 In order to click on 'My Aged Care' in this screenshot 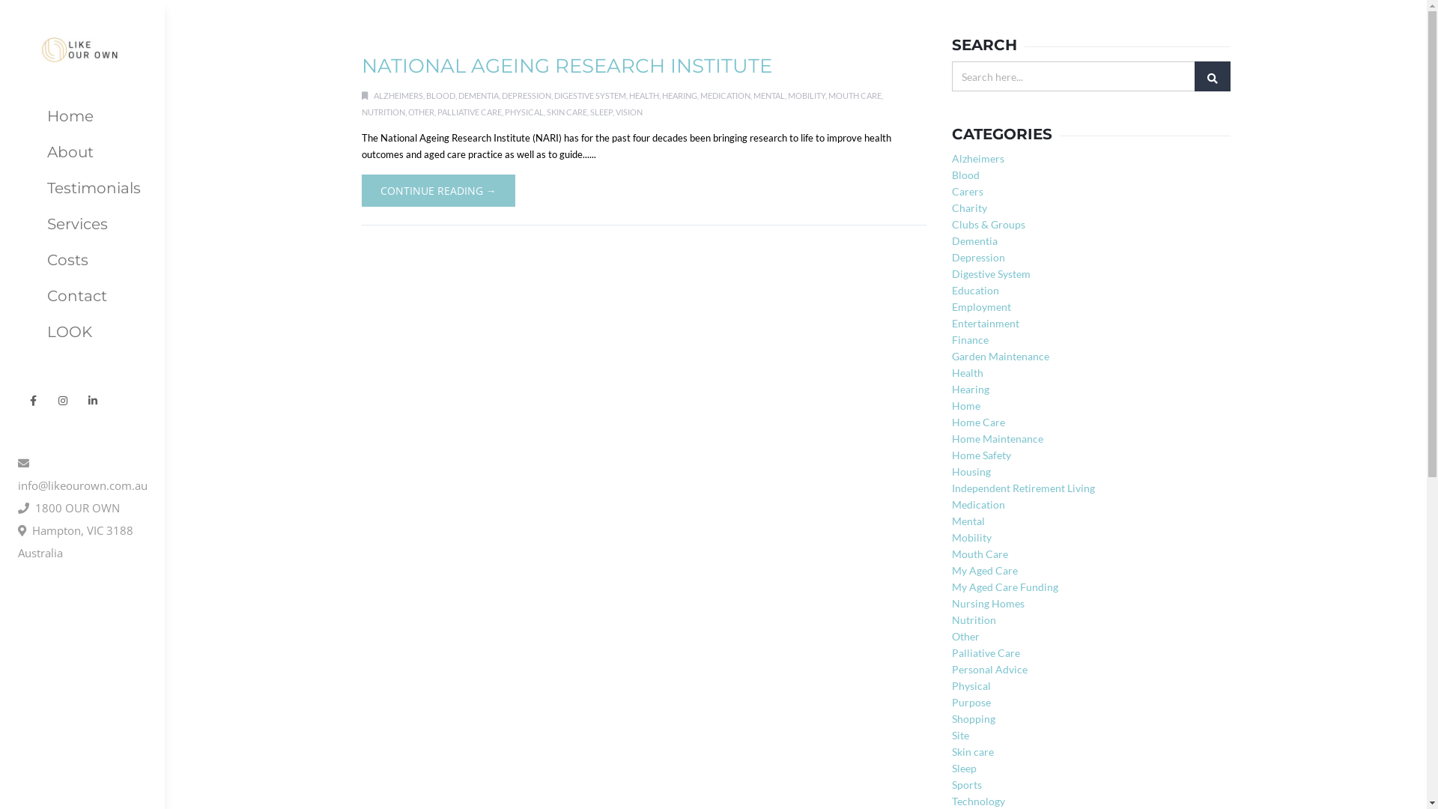, I will do `click(985, 570)`.